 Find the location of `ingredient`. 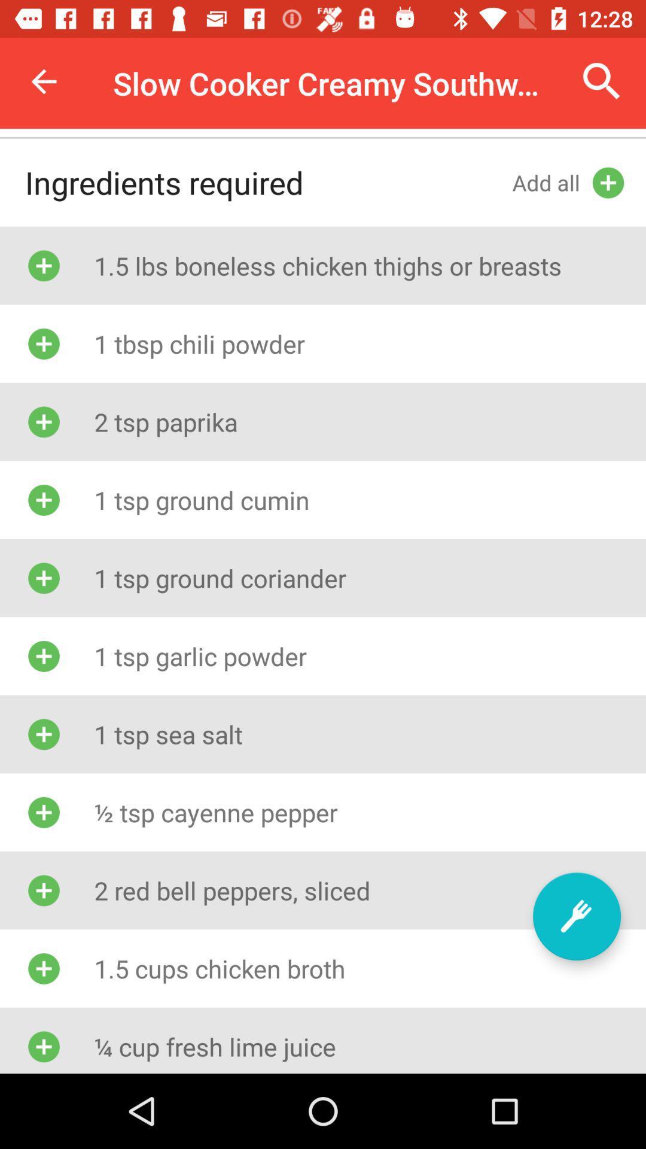

ingredient is located at coordinates (576, 916).